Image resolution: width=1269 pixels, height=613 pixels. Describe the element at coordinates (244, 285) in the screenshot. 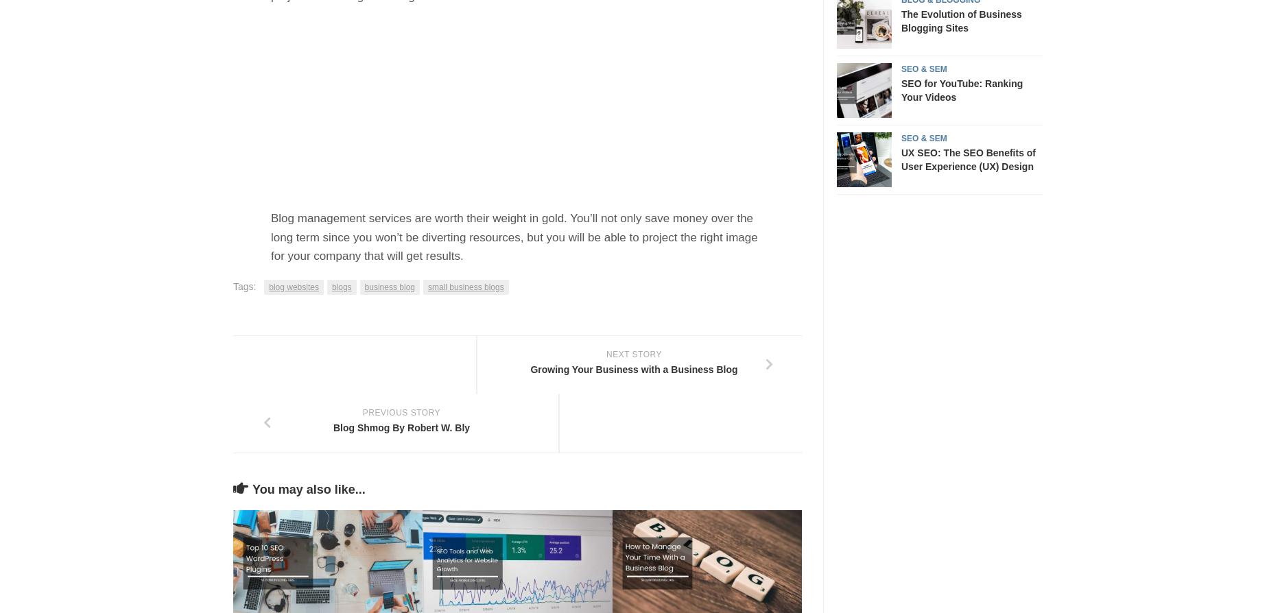

I see `'Tags:'` at that location.